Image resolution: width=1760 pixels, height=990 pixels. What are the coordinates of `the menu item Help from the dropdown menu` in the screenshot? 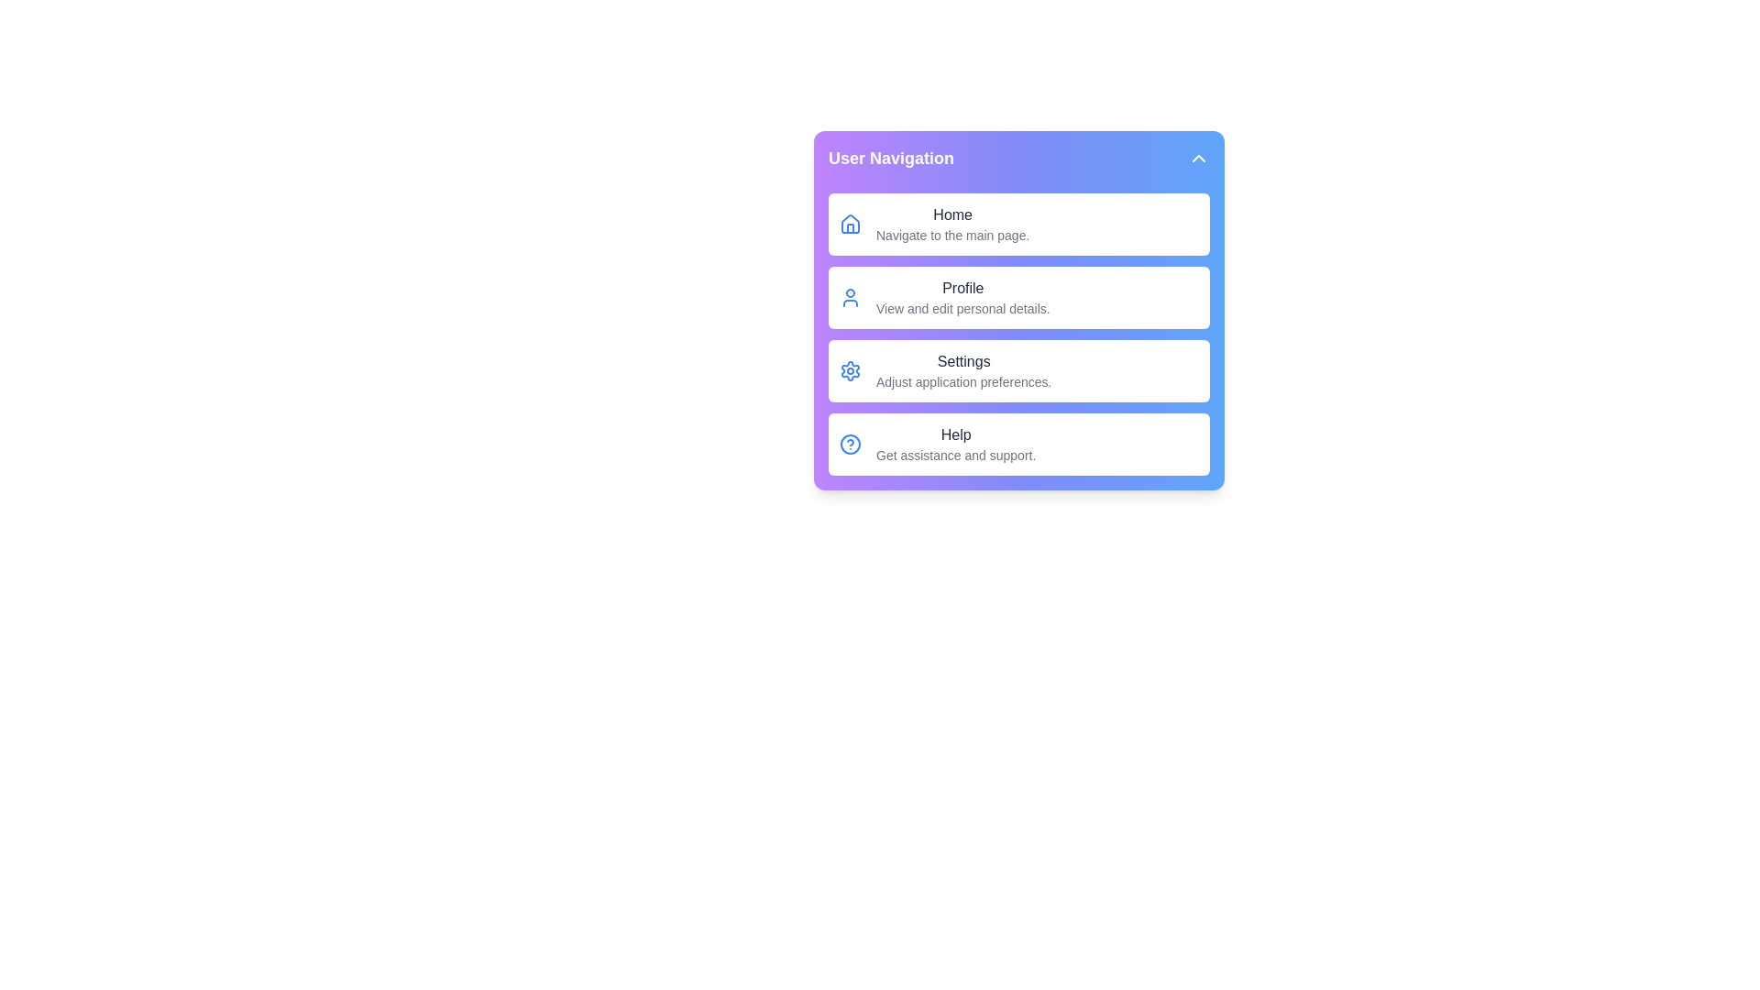 It's located at (1018, 445).